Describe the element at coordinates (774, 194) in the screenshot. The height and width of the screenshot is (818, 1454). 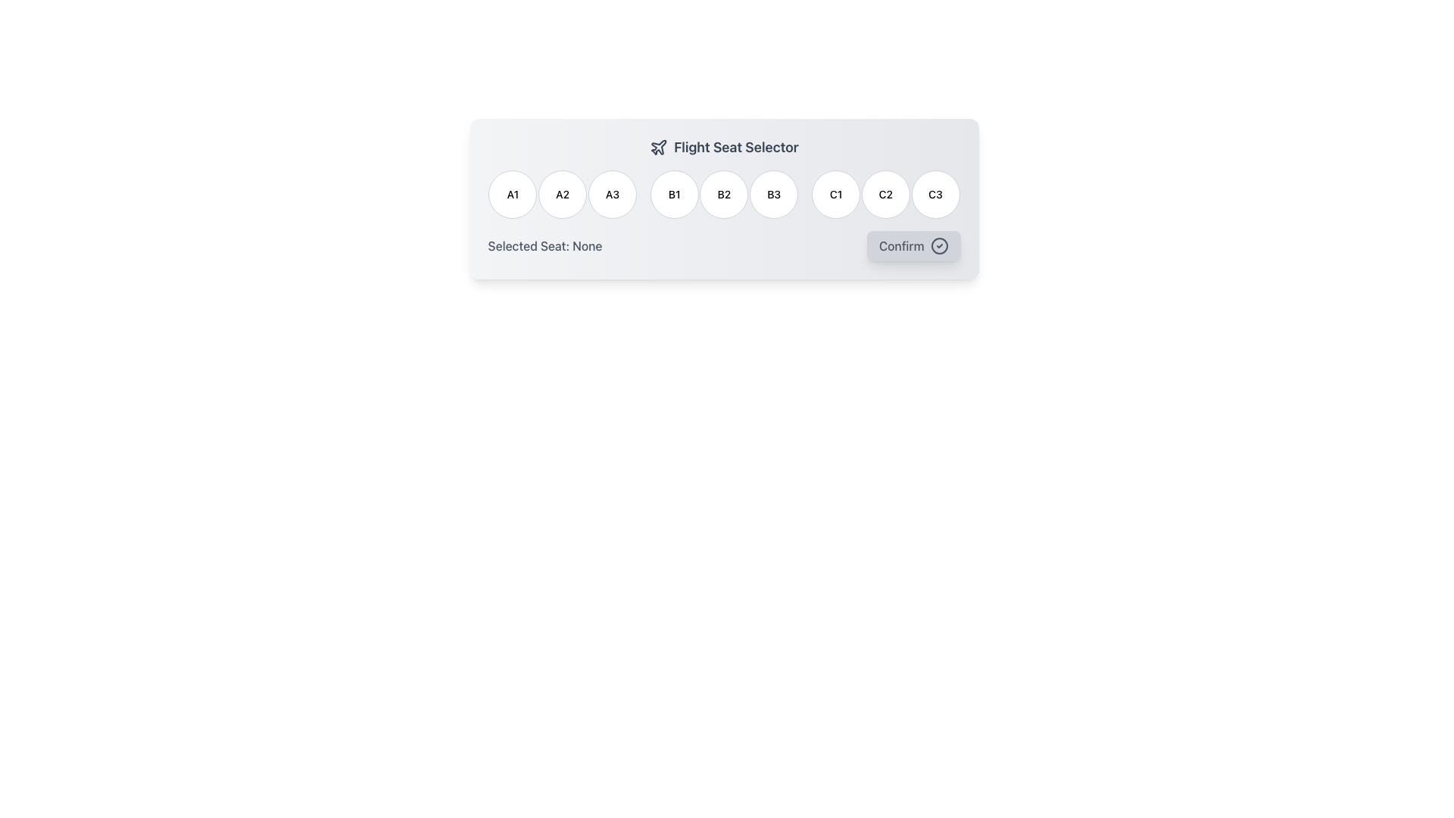
I see `the circular button labeled 'B3' which has a white background and gray border` at that location.